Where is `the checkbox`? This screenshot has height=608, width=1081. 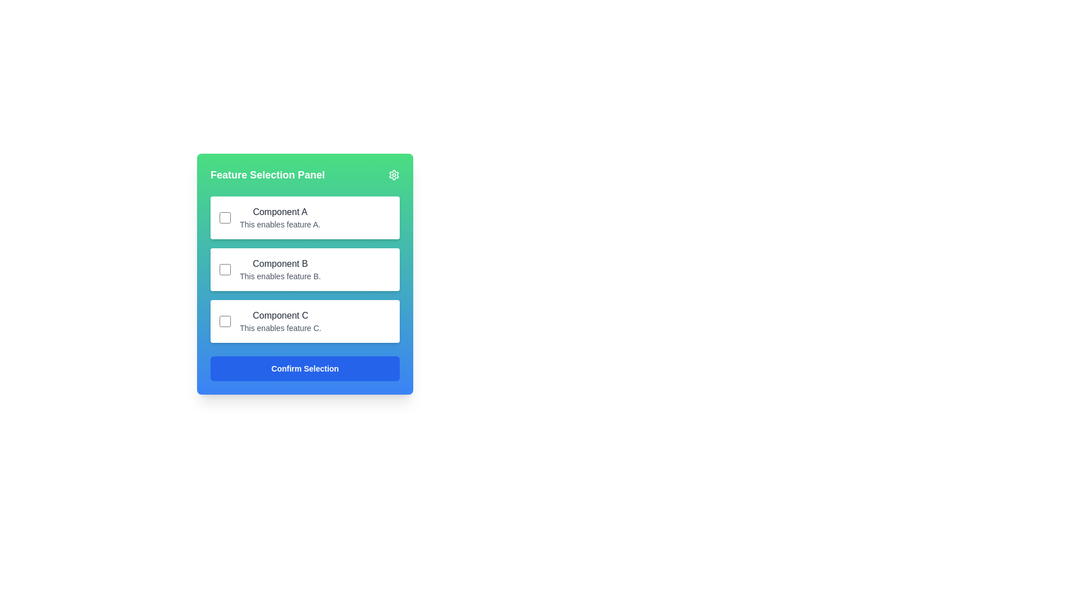
the checkbox is located at coordinates (225, 217).